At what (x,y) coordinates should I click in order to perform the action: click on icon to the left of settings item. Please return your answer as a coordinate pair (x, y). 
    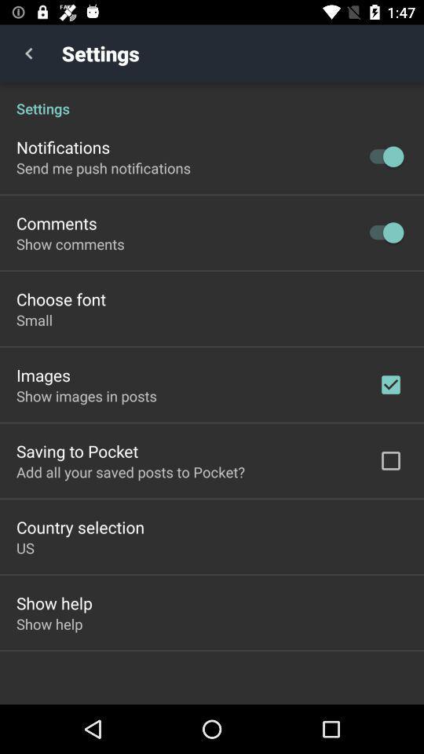
    Looking at the image, I should click on (28, 53).